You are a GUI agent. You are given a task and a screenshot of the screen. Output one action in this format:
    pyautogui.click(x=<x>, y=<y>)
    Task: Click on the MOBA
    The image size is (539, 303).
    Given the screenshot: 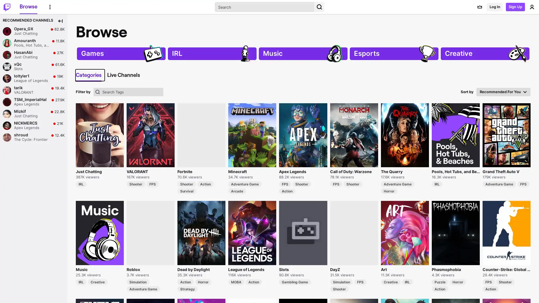 What is the action you would take?
    pyautogui.click(x=236, y=282)
    